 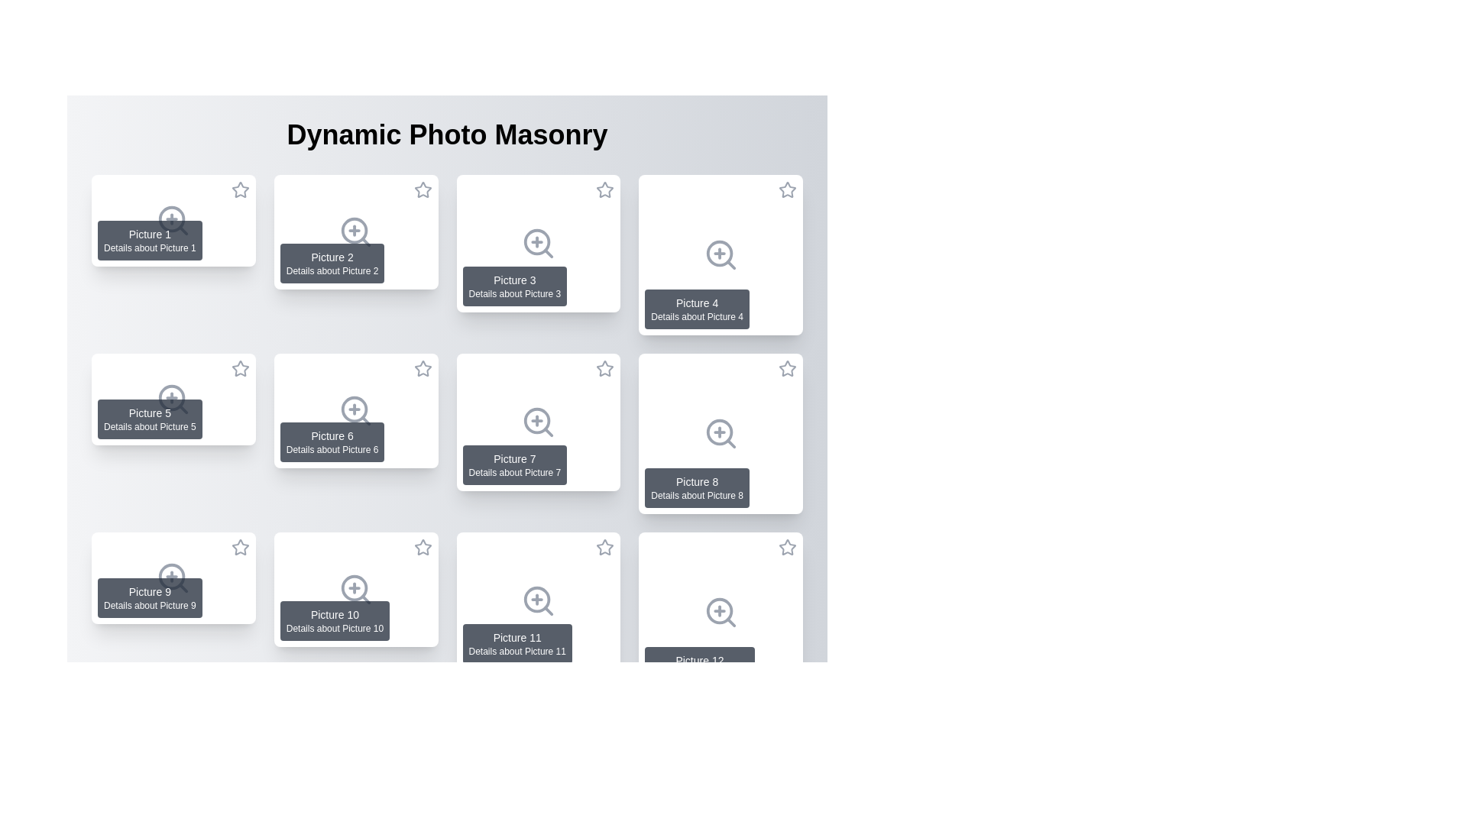 What do you see at coordinates (538, 243) in the screenshot?
I see `the card labeled 'Picture 3' which contains the magnifying glass icon with a '+' symbol in its center` at bounding box center [538, 243].